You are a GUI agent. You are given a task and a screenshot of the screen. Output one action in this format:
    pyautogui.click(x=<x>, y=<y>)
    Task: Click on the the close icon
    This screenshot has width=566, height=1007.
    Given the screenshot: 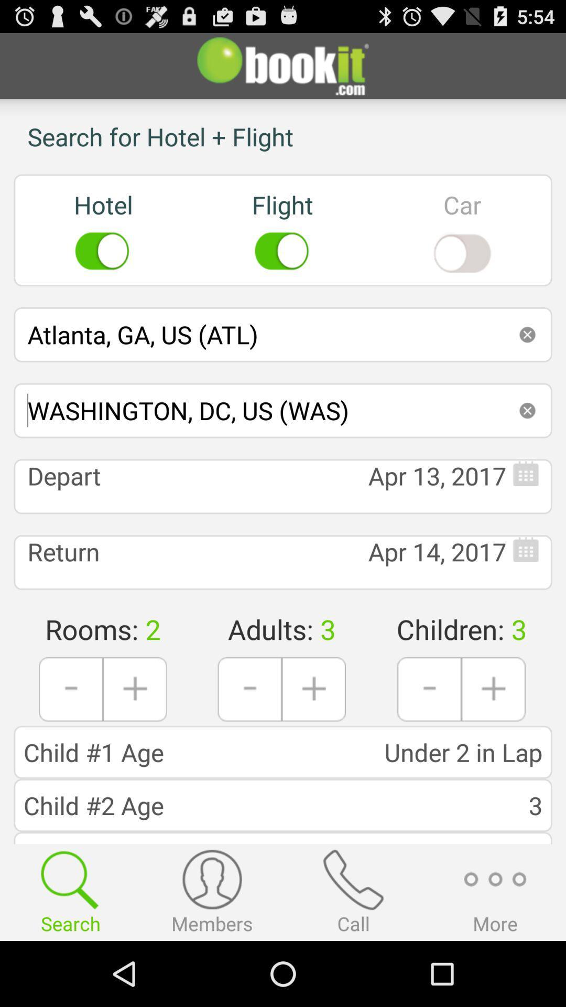 What is the action you would take?
    pyautogui.click(x=527, y=358)
    